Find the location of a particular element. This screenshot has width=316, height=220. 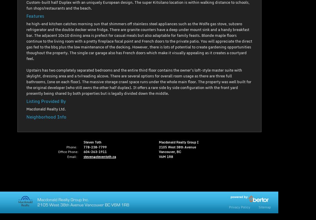

'Features' is located at coordinates (26, 16).